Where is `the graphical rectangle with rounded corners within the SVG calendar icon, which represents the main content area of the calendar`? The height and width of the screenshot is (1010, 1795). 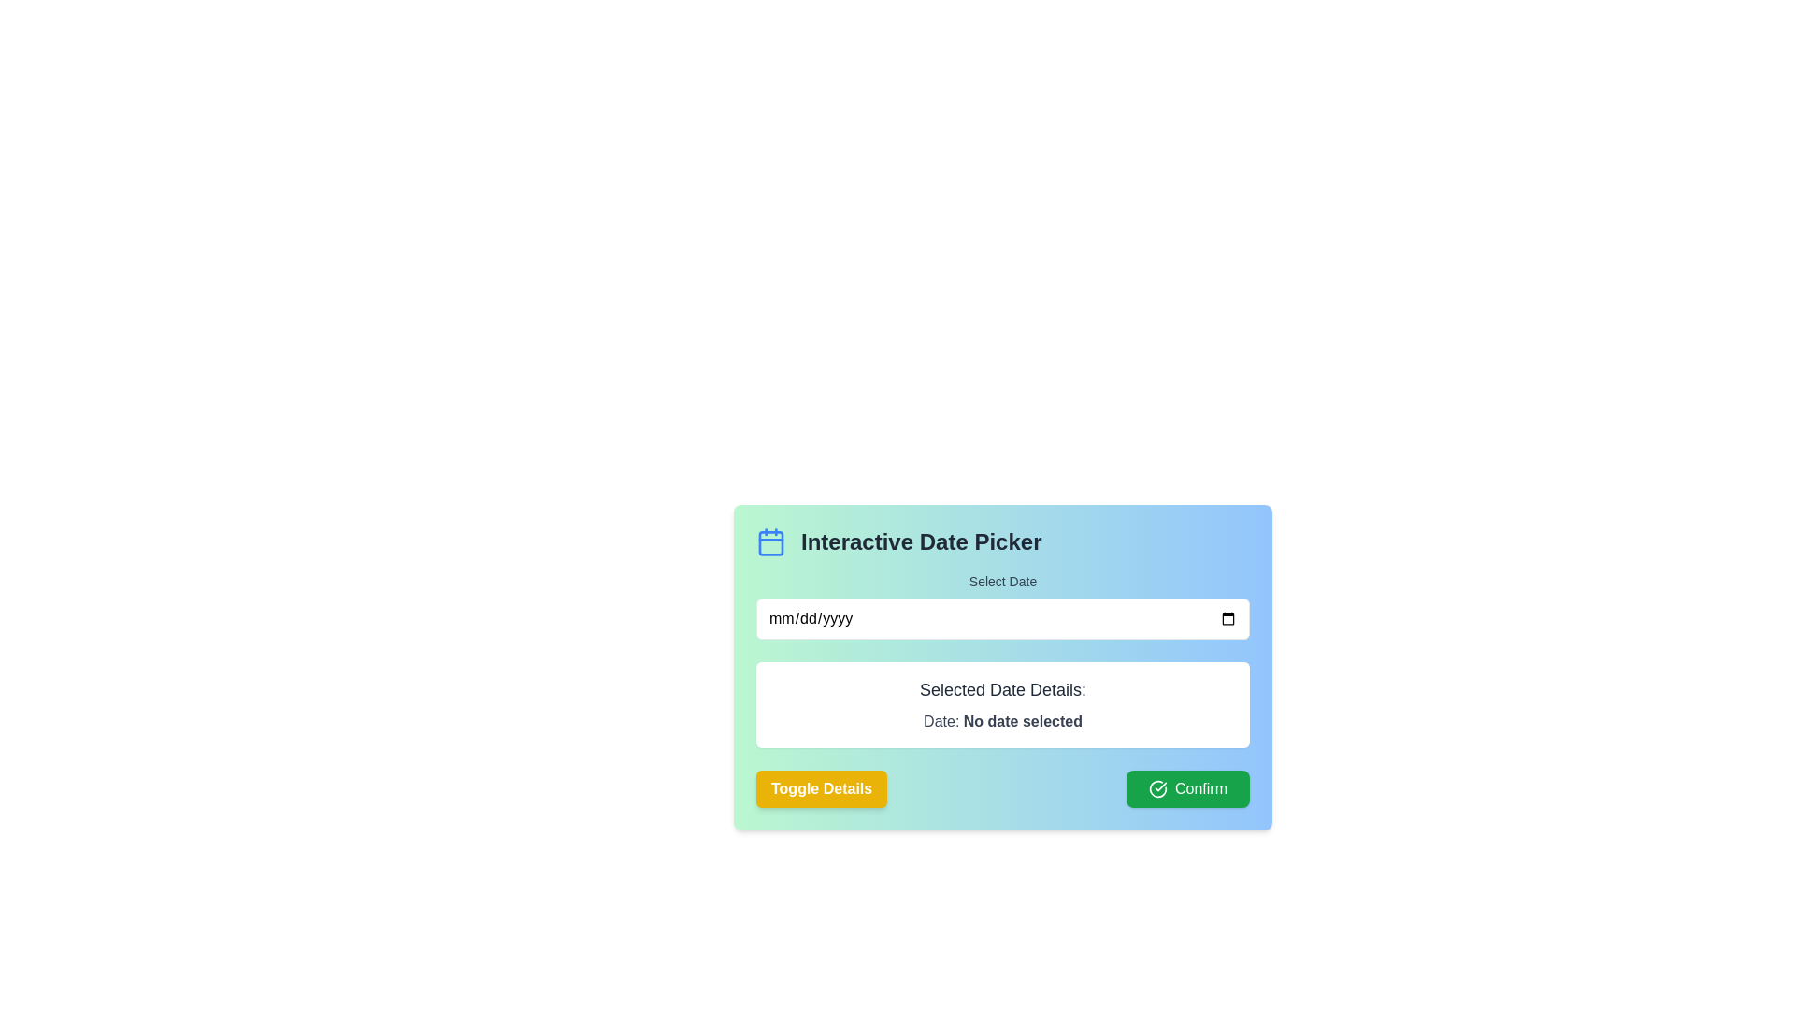
the graphical rectangle with rounded corners within the SVG calendar icon, which represents the main content area of the calendar is located at coordinates (771, 543).